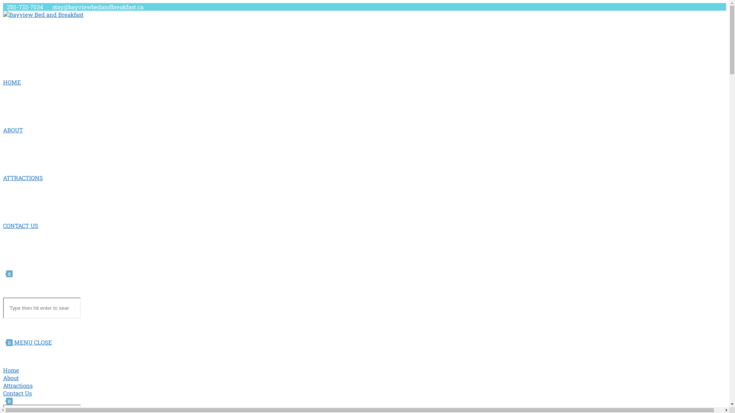  Describe the element at coordinates (11, 370) in the screenshot. I see `'Home'` at that location.